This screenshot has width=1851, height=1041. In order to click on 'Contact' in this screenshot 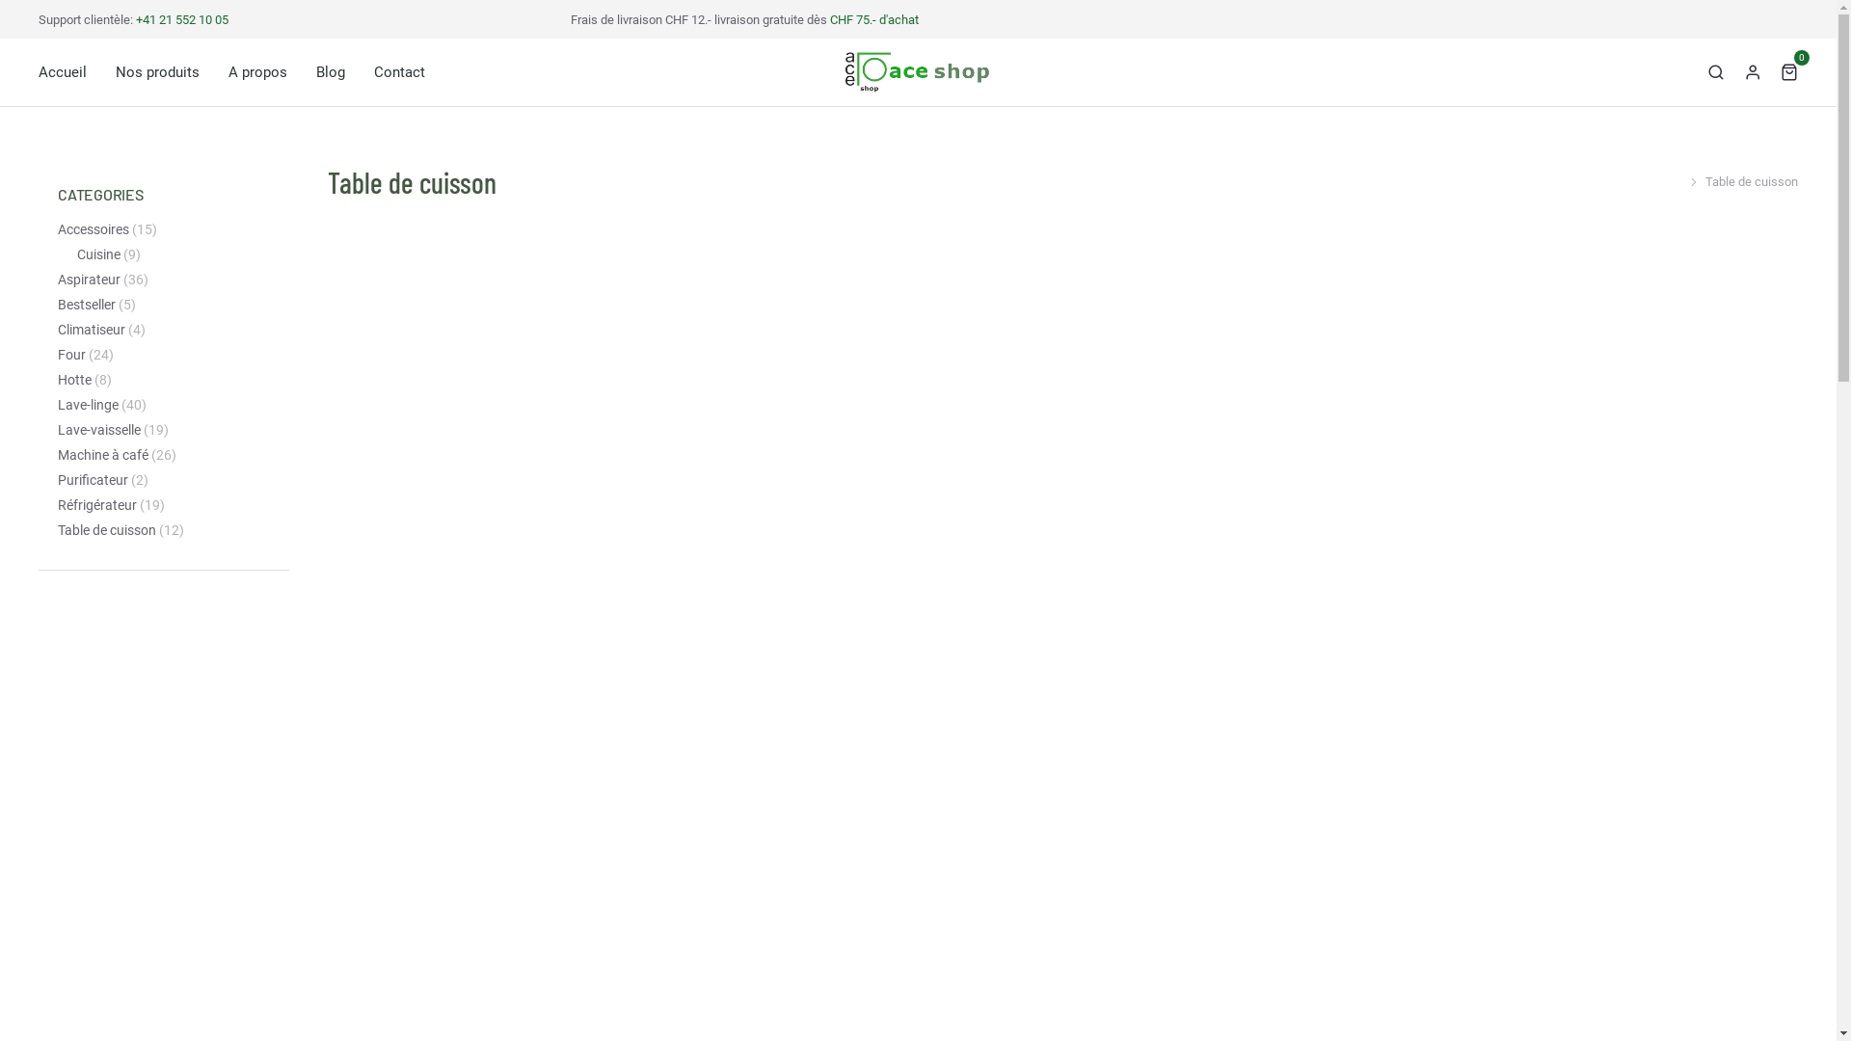, I will do `click(374, 70)`.